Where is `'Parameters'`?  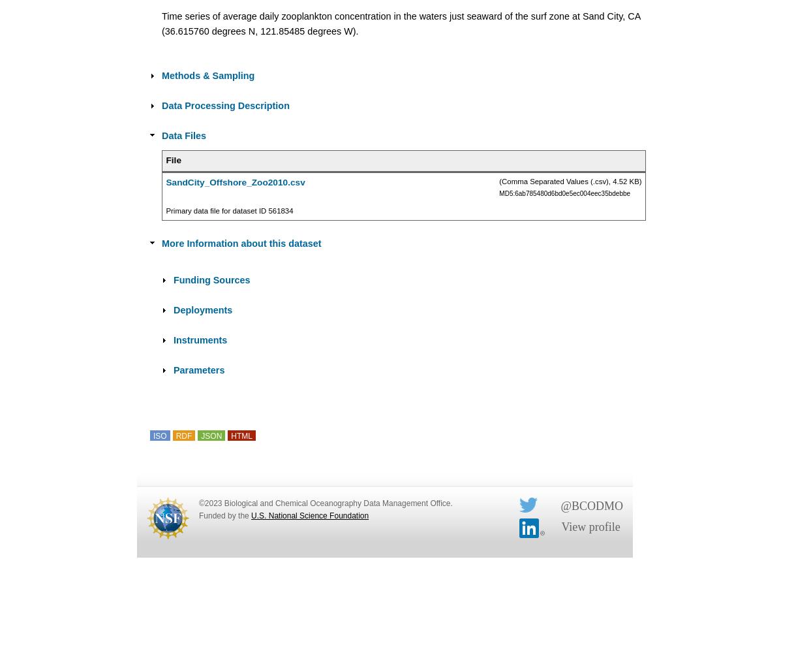 'Parameters' is located at coordinates (172, 369).